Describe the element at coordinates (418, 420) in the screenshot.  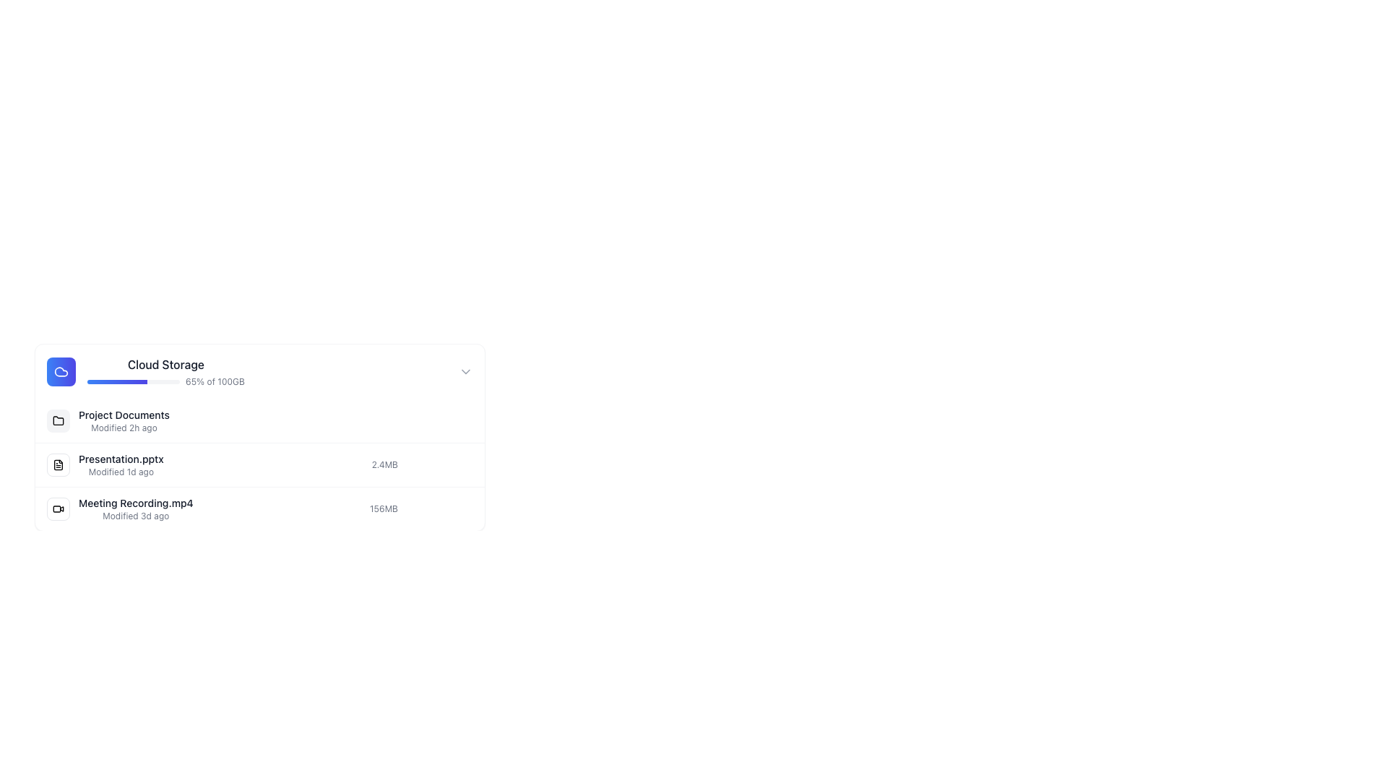
I see `the button resembling a group of users, located to the right of 'Project Documents'` at that location.